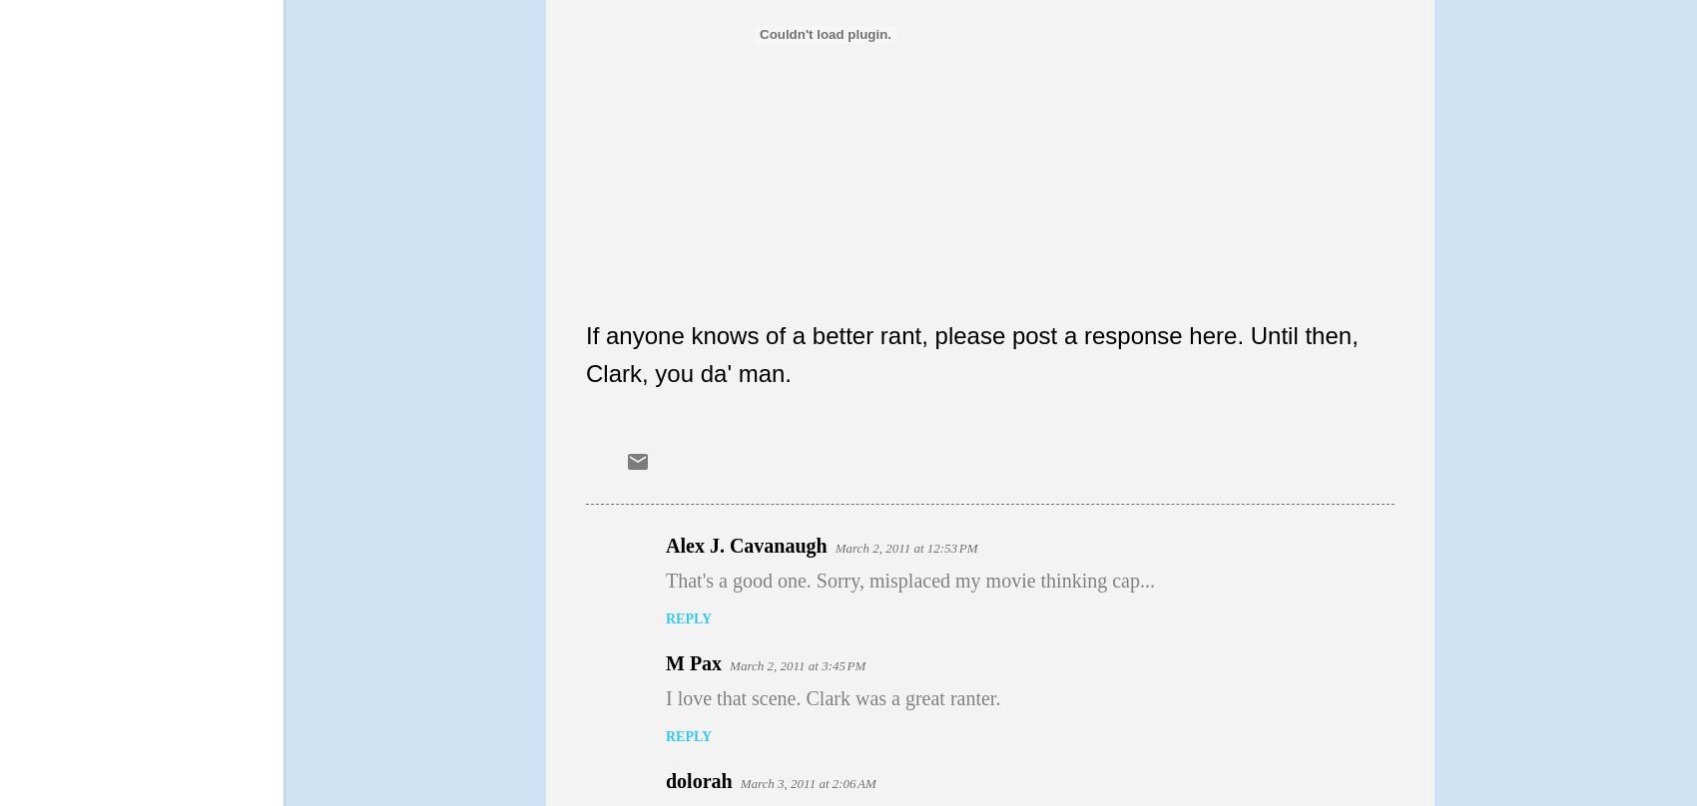  What do you see at coordinates (693, 662) in the screenshot?
I see `'M Pax'` at bounding box center [693, 662].